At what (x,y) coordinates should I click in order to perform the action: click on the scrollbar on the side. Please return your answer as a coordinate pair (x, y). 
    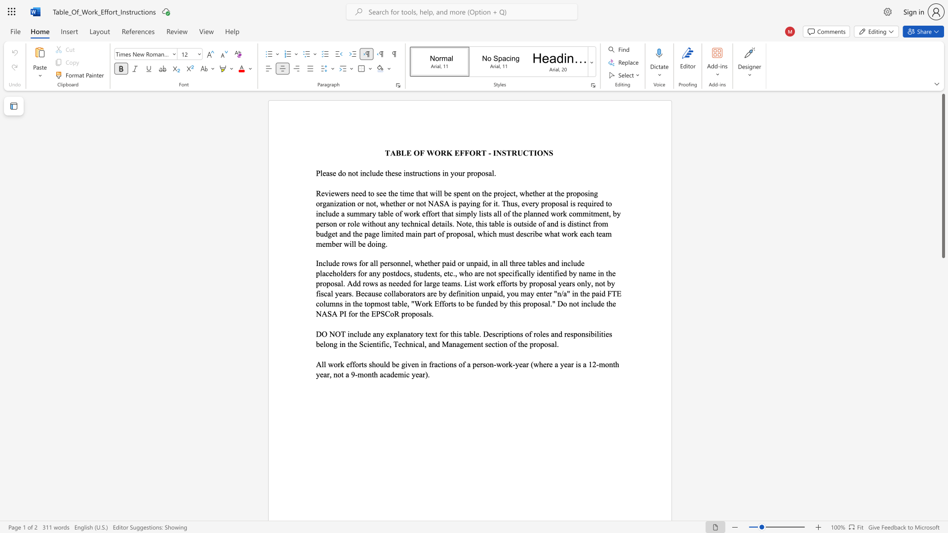
    Looking at the image, I should click on (943, 433).